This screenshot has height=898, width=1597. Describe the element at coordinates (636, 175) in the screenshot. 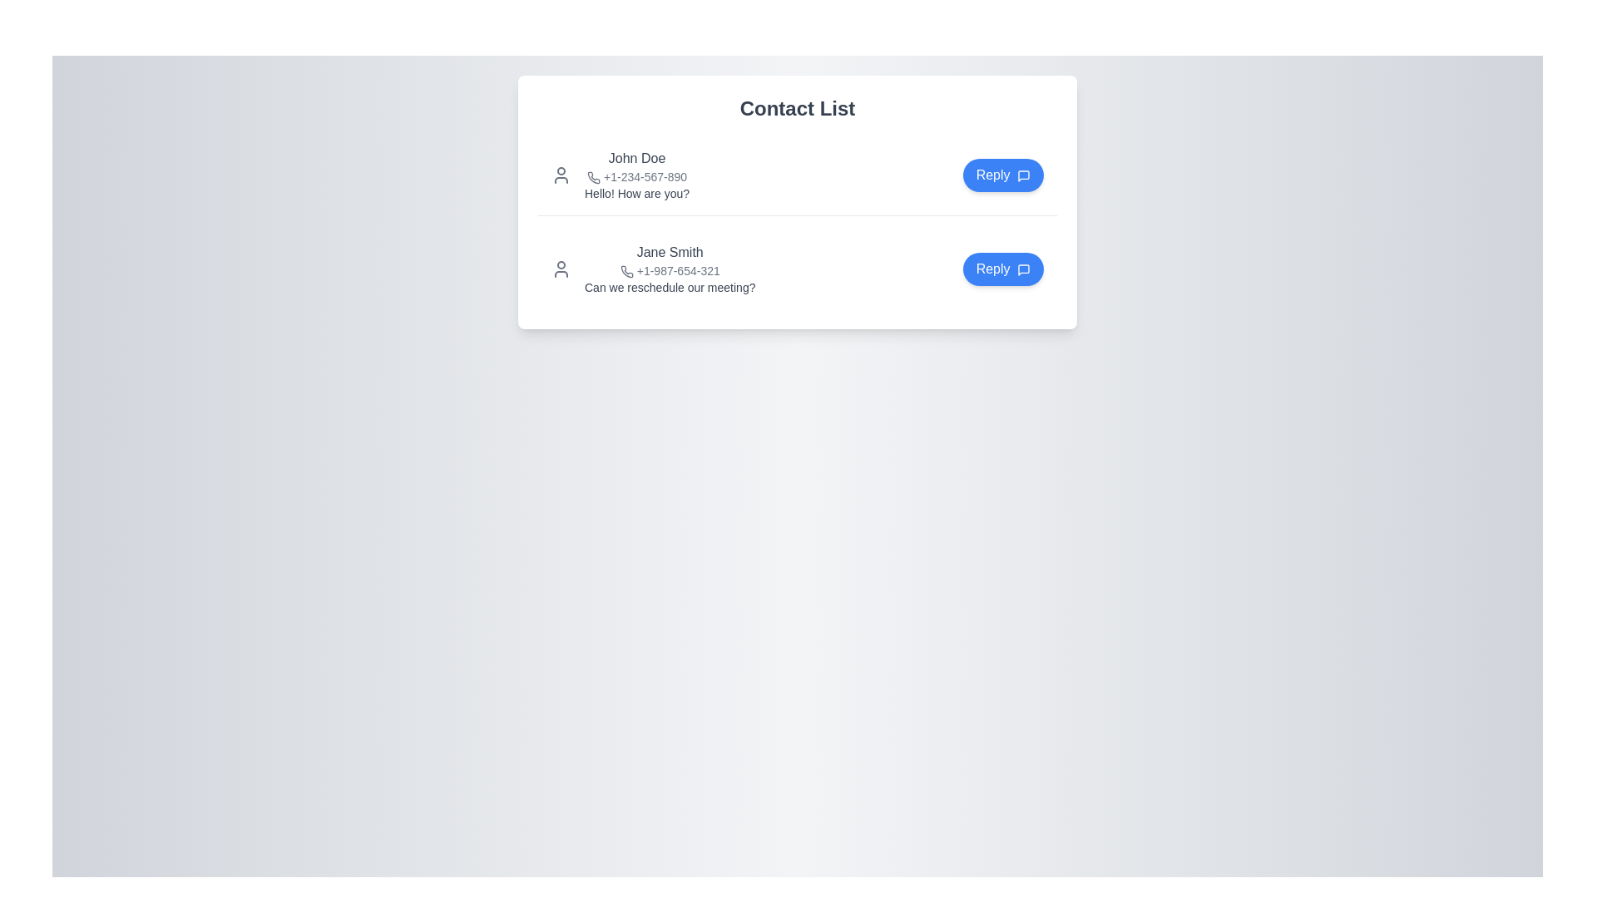

I see `displayed information from the contact block containing the name 'John Doe', phone number '+1-234-567-890', and message 'Hello! How are you?'` at that location.